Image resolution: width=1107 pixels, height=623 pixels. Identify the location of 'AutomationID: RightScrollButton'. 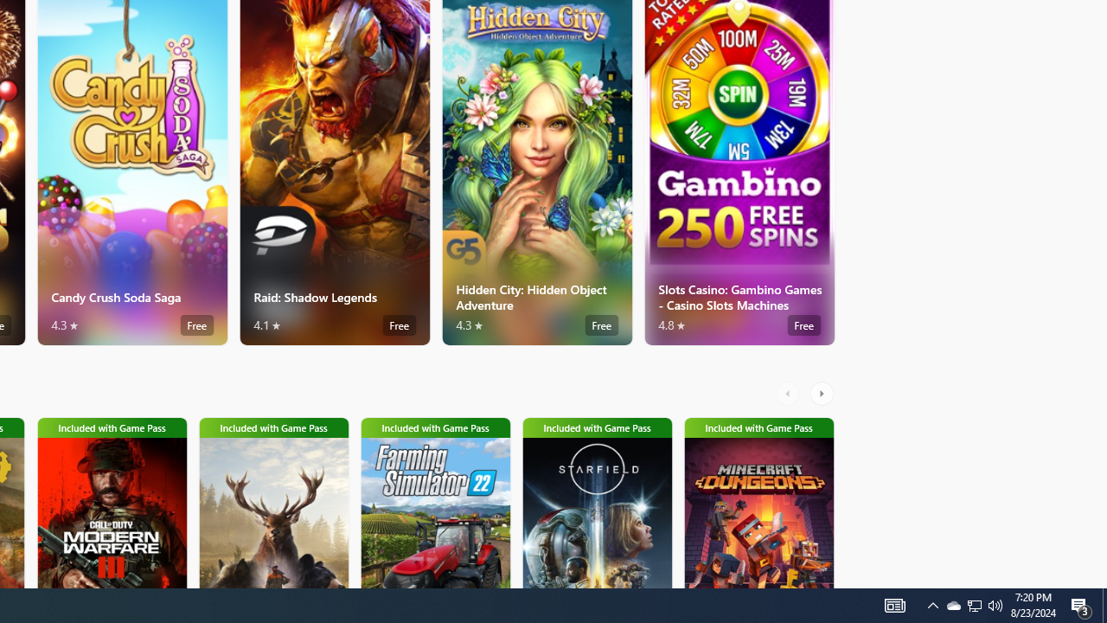
(822, 394).